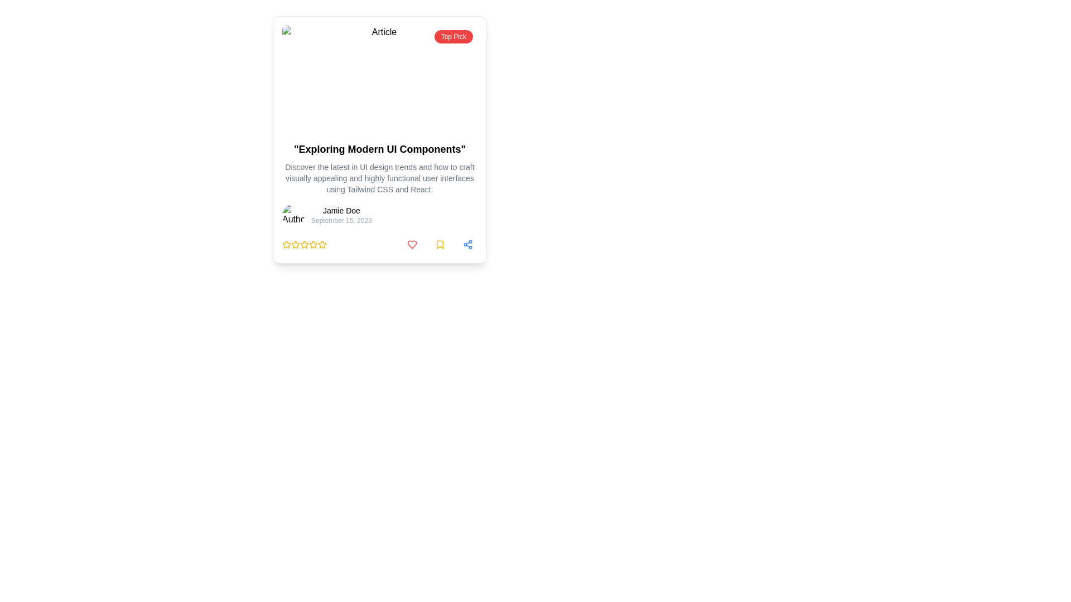 The height and width of the screenshot is (602, 1071). I want to click on the circular button with a yellow bookmark symbol located at the bottom right of the card component to bookmark the item, so click(439, 244).